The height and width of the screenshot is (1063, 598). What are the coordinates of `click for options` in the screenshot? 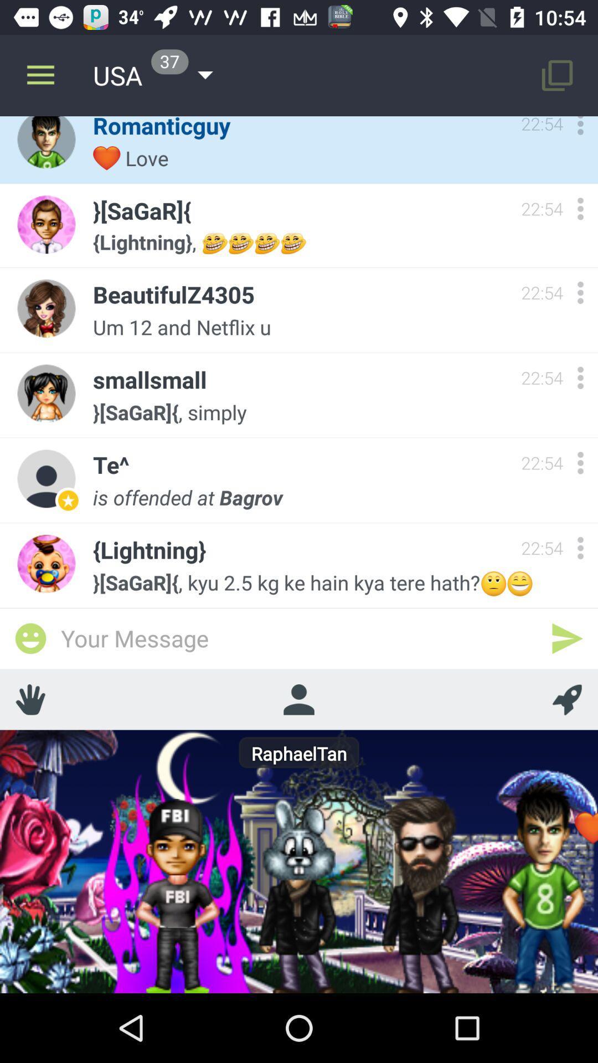 It's located at (580, 378).